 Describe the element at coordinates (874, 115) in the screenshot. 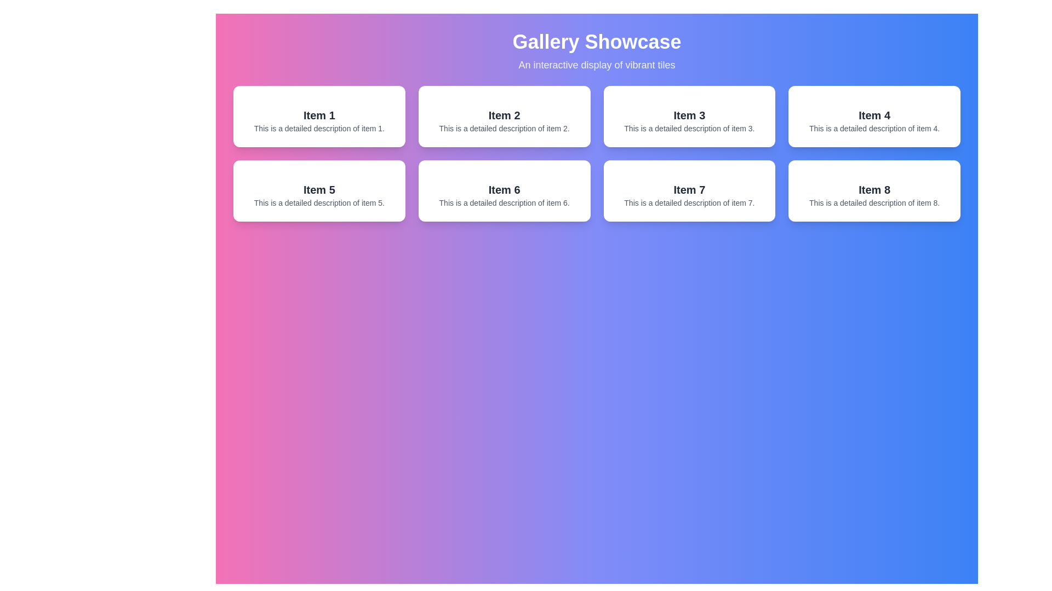

I see `text label that serves as the title for the card, located in the second row, fourth column of the grid layout` at that location.